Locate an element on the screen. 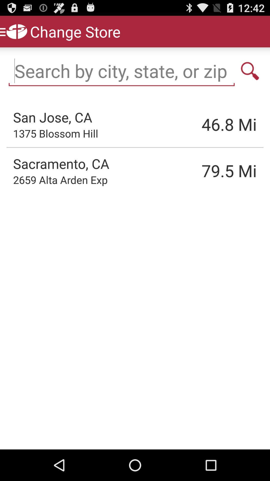  the app below san jose, ca app is located at coordinates (55, 133).